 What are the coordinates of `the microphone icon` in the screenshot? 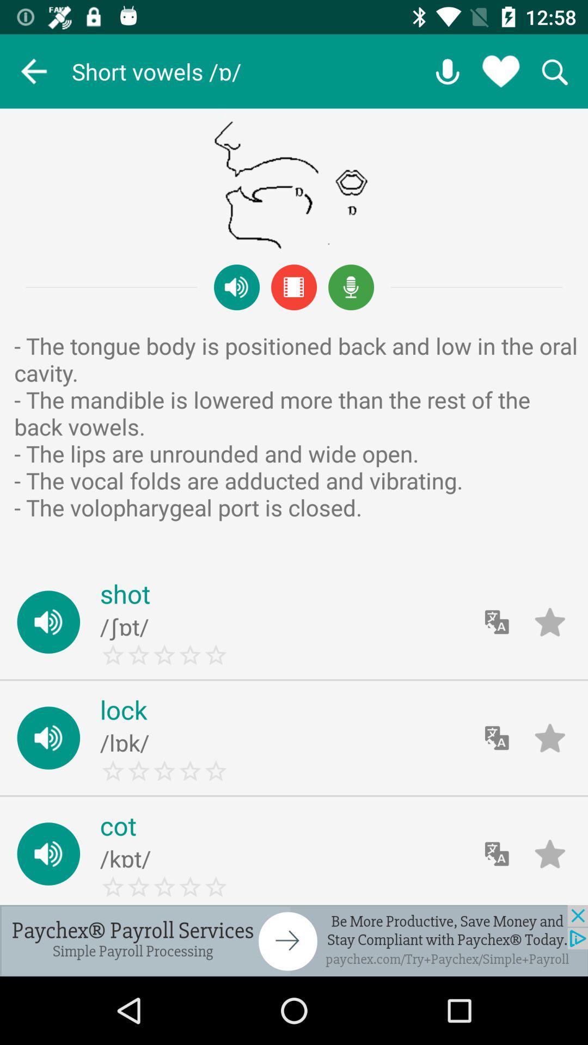 It's located at (351, 287).